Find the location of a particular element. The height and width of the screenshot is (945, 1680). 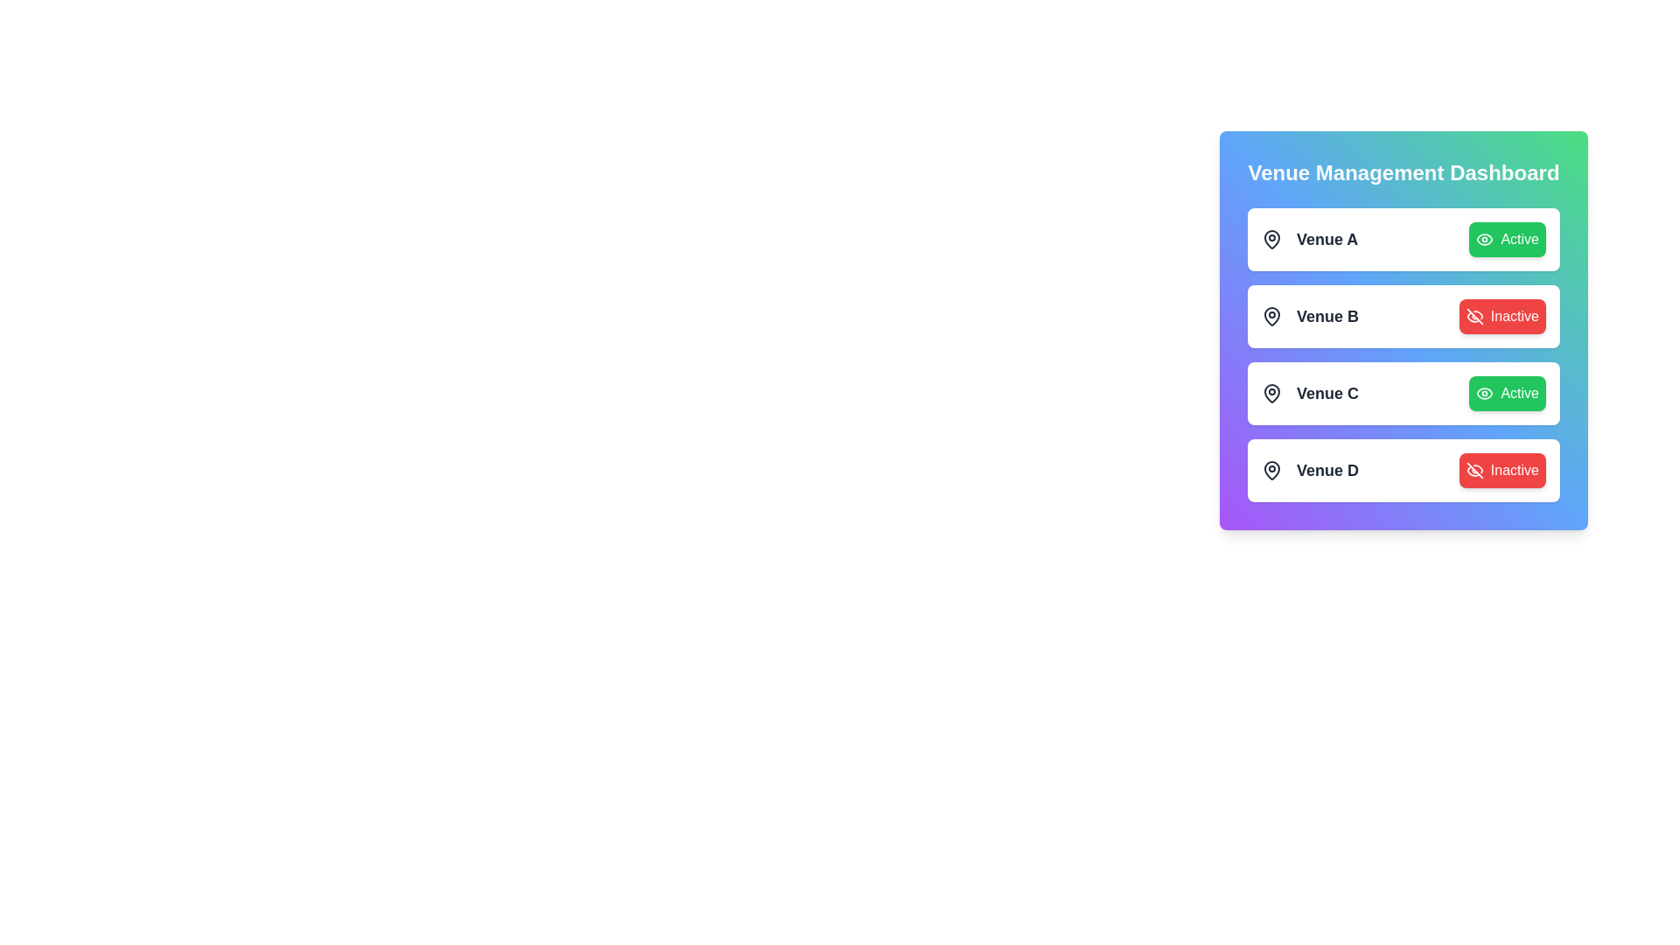

the venue status button for Venue B is located at coordinates (1501, 317).